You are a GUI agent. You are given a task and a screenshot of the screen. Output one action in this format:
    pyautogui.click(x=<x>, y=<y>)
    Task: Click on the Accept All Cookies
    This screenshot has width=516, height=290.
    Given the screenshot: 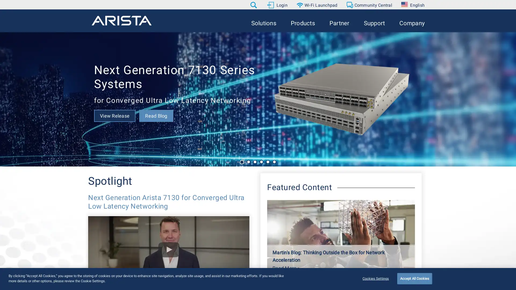 What is the action you would take?
    pyautogui.click(x=414, y=278)
    